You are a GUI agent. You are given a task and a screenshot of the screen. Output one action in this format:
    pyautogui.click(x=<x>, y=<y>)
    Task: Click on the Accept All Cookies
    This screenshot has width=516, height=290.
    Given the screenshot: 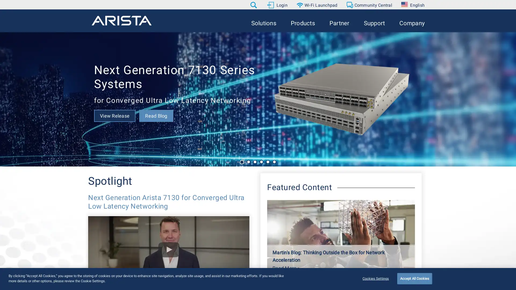 What is the action you would take?
    pyautogui.click(x=414, y=278)
    